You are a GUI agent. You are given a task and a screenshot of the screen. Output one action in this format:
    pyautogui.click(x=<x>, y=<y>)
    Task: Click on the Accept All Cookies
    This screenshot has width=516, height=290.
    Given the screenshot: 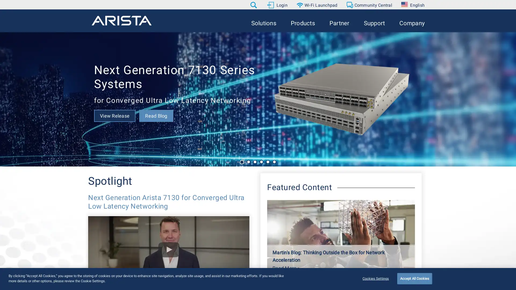 What is the action you would take?
    pyautogui.click(x=414, y=278)
    